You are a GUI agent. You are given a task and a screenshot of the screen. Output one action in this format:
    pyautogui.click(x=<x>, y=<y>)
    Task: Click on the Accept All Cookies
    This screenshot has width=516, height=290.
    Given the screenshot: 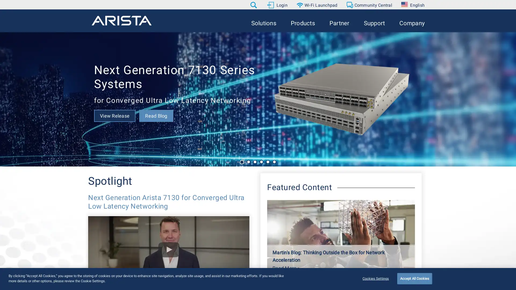 What is the action you would take?
    pyautogui.click(x=414, y=278)
    